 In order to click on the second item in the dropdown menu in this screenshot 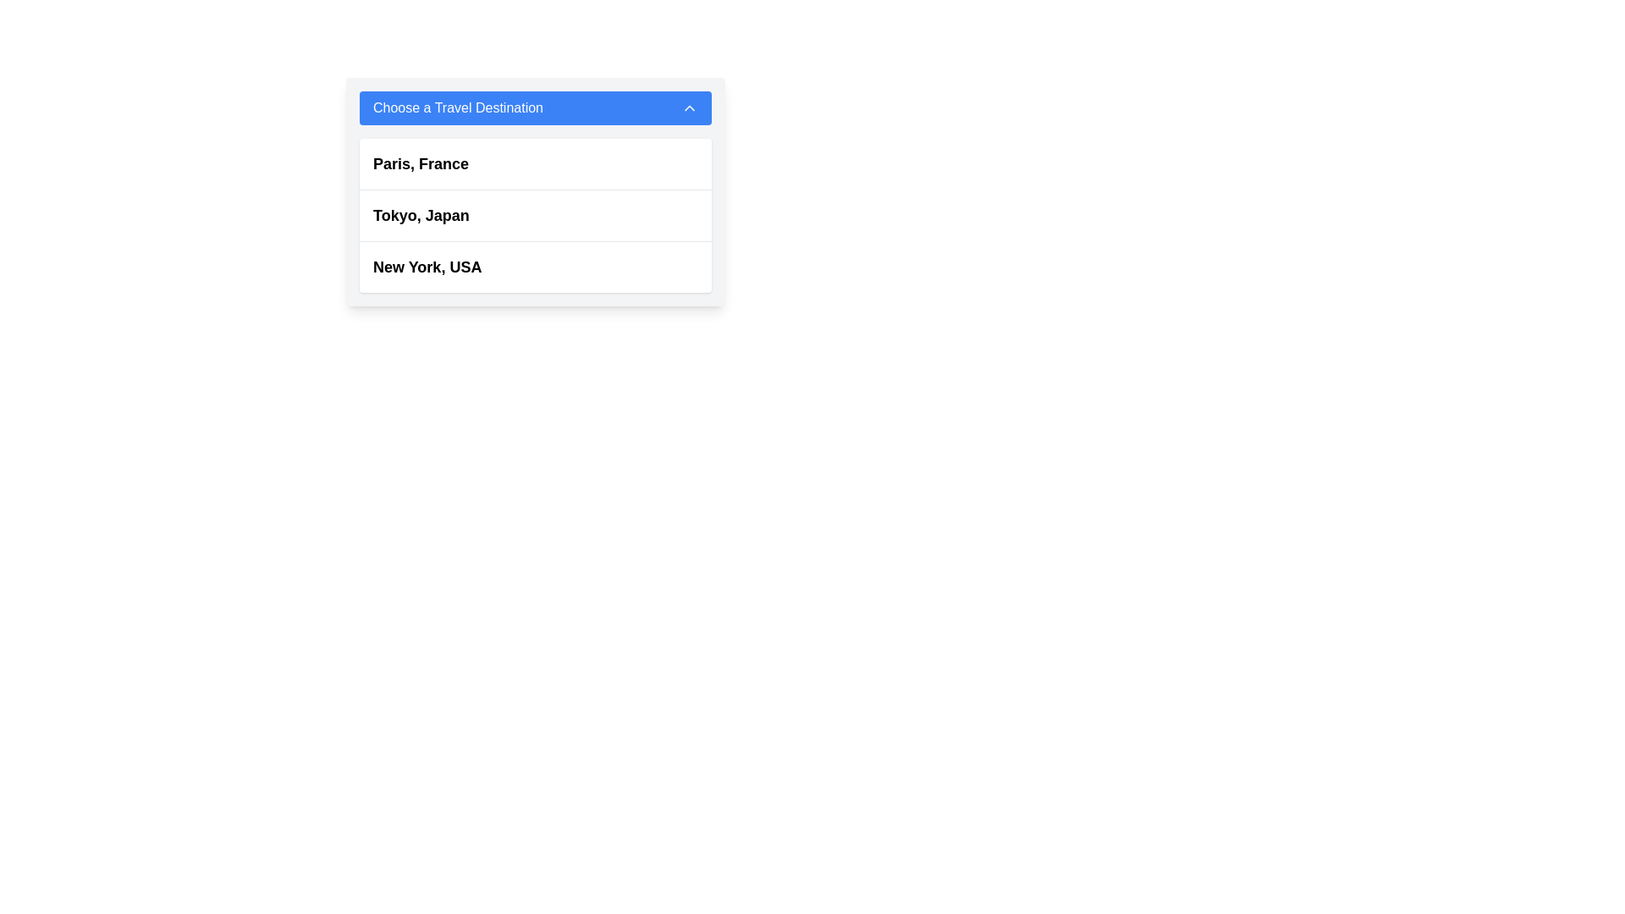, I will do `click(535, 215)`.